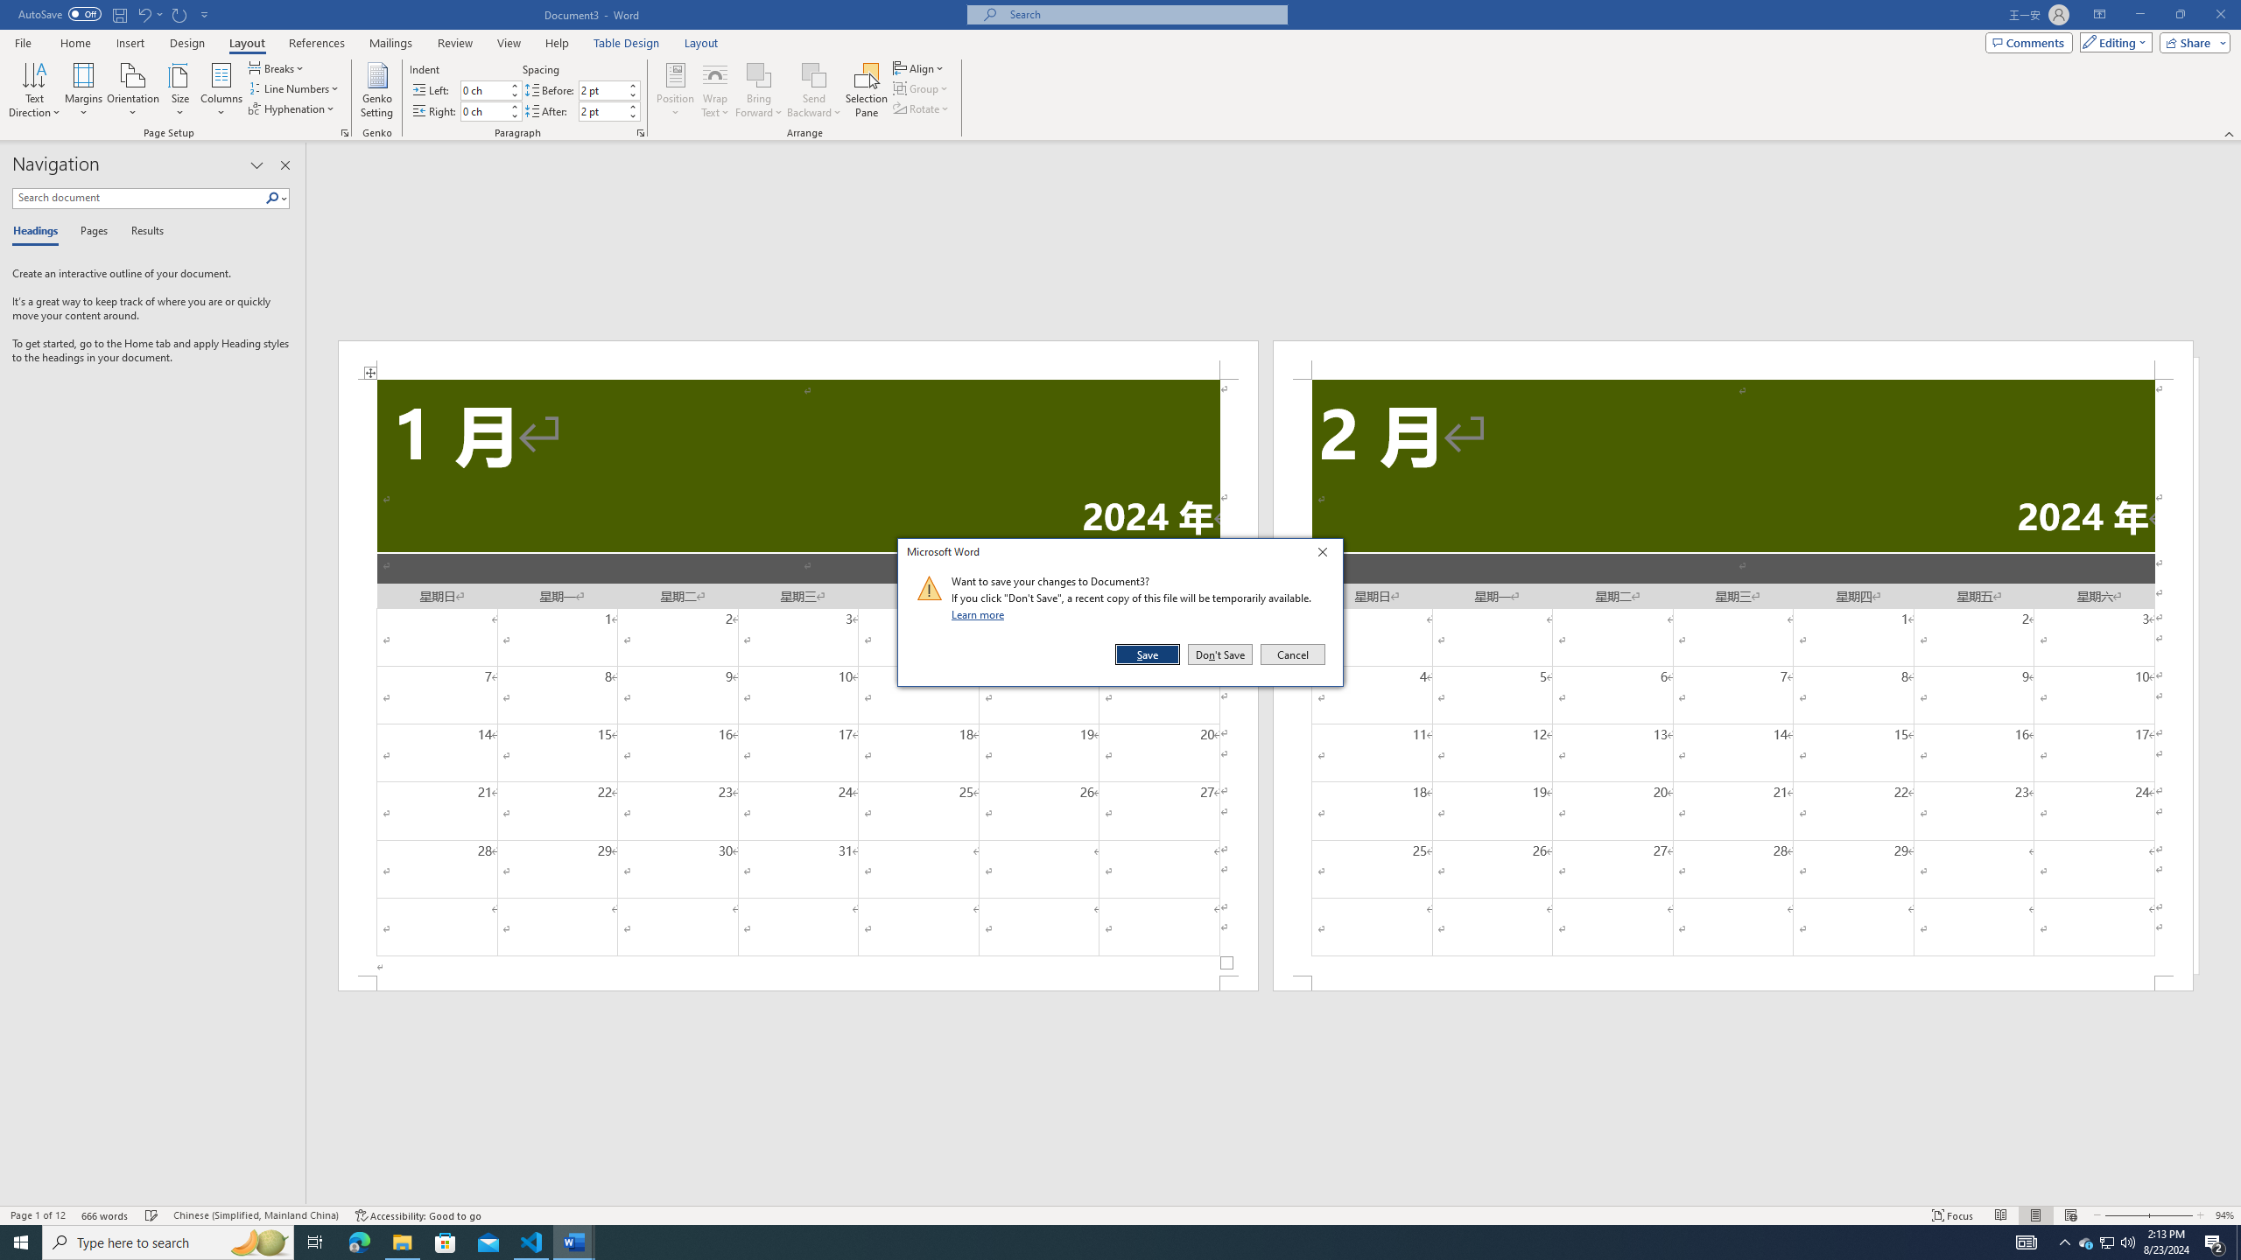 The height and width of the screenshot is (1260, 2241). Describe the element at coordinates (929, 587) in the screenshot. I see `'Class: NetUIImage'` at that location.